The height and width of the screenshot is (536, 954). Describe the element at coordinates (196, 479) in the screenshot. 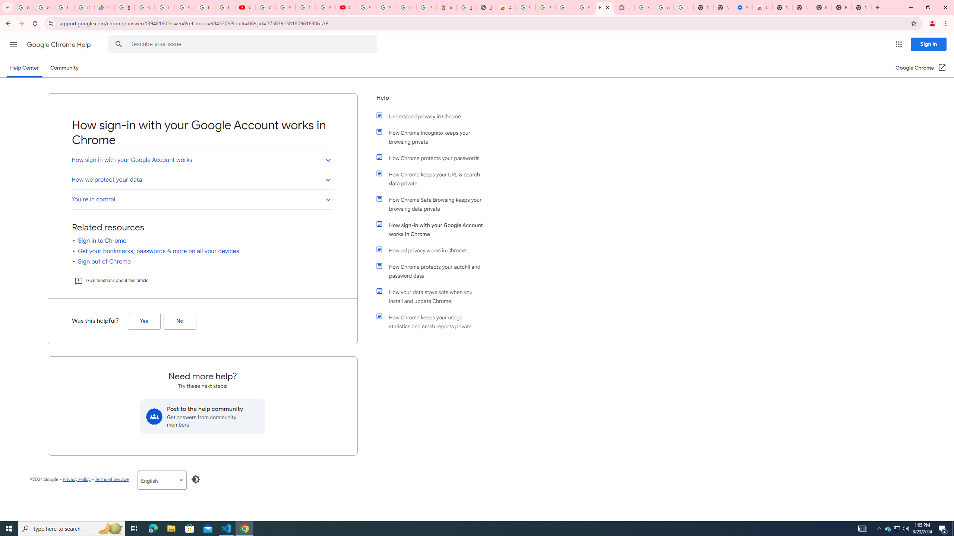

I see `'Enable Dark Mode'` at that location.